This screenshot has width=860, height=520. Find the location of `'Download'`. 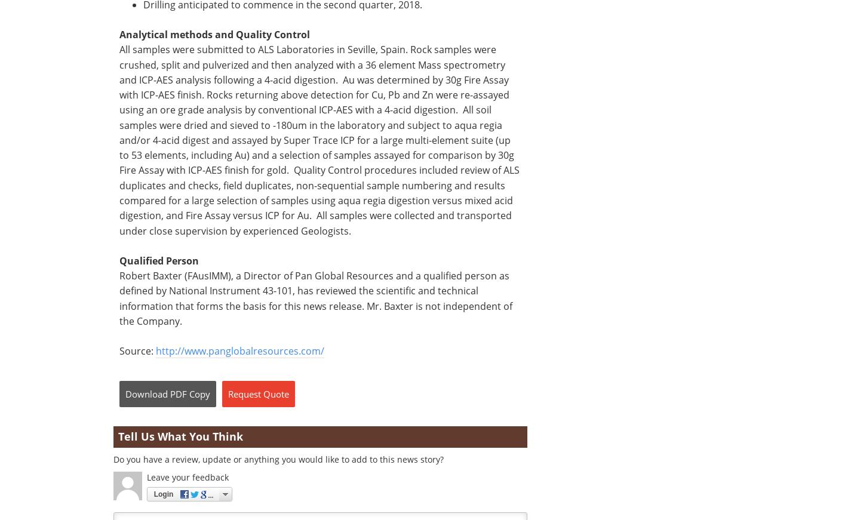

'Download' is located at coordinates (125, 393).